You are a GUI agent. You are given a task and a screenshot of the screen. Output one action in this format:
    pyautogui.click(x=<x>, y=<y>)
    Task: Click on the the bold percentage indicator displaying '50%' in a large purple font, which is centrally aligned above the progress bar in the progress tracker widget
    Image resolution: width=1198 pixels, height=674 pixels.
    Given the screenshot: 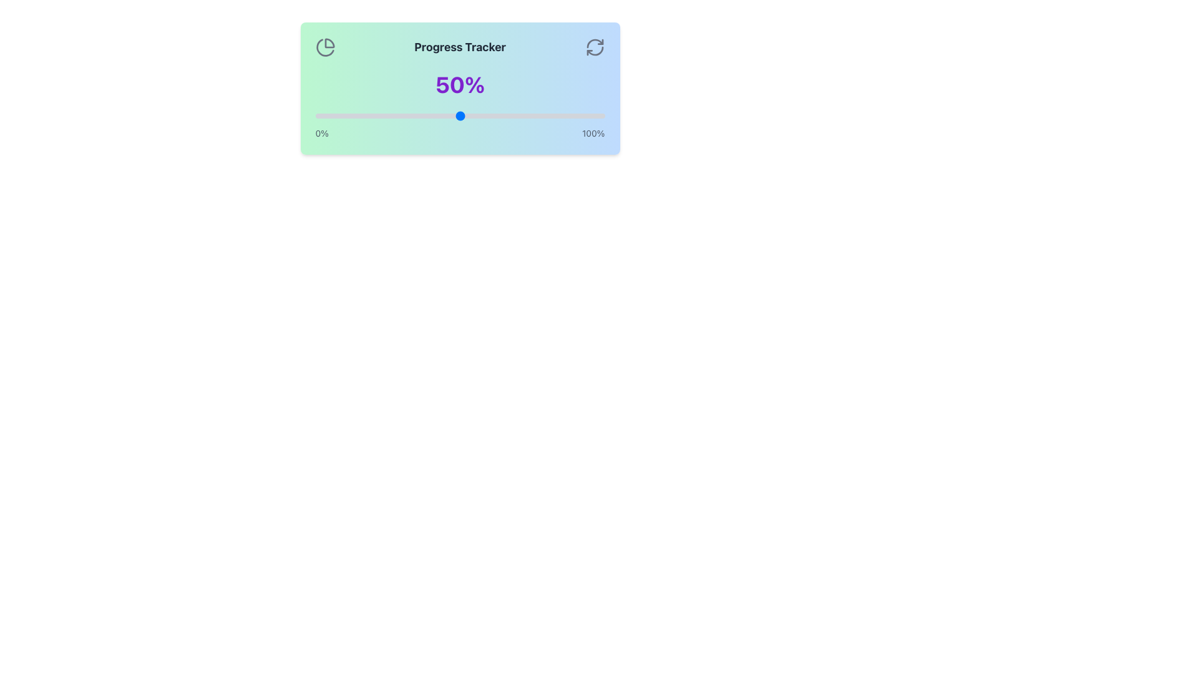 What is the action you would take?
    pyautogui.click(x=459, y=84)
    